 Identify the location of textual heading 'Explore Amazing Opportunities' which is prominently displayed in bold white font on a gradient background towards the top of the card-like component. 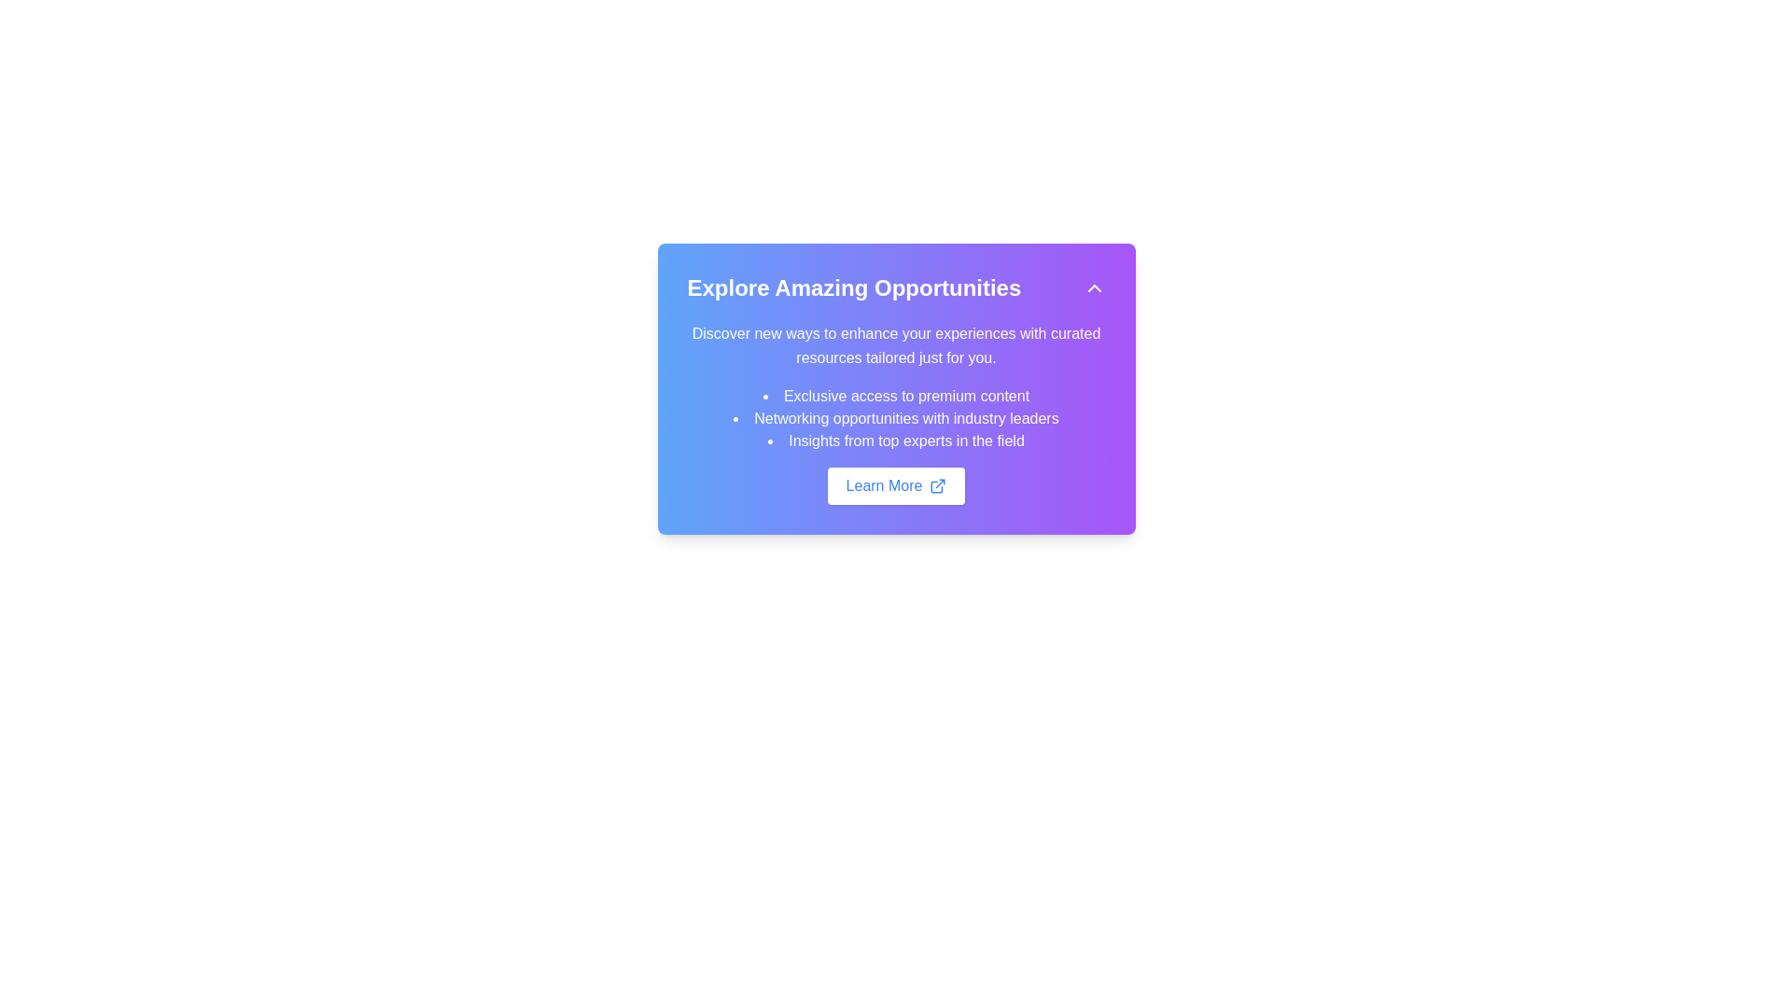
(853, 287).